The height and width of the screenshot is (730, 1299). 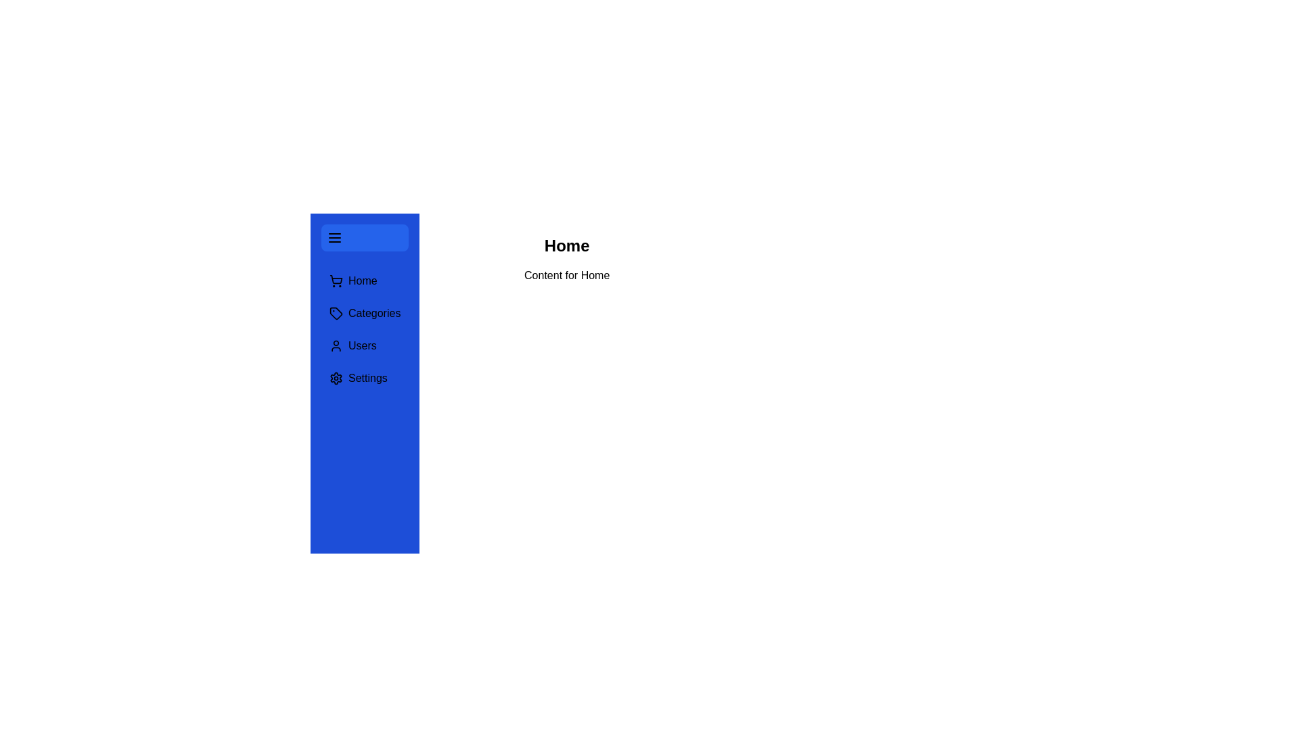 What do you see at coordinates (365, 345) in the screenshot?
I see `the Users section from the menu` at bounding box center [365, 345].